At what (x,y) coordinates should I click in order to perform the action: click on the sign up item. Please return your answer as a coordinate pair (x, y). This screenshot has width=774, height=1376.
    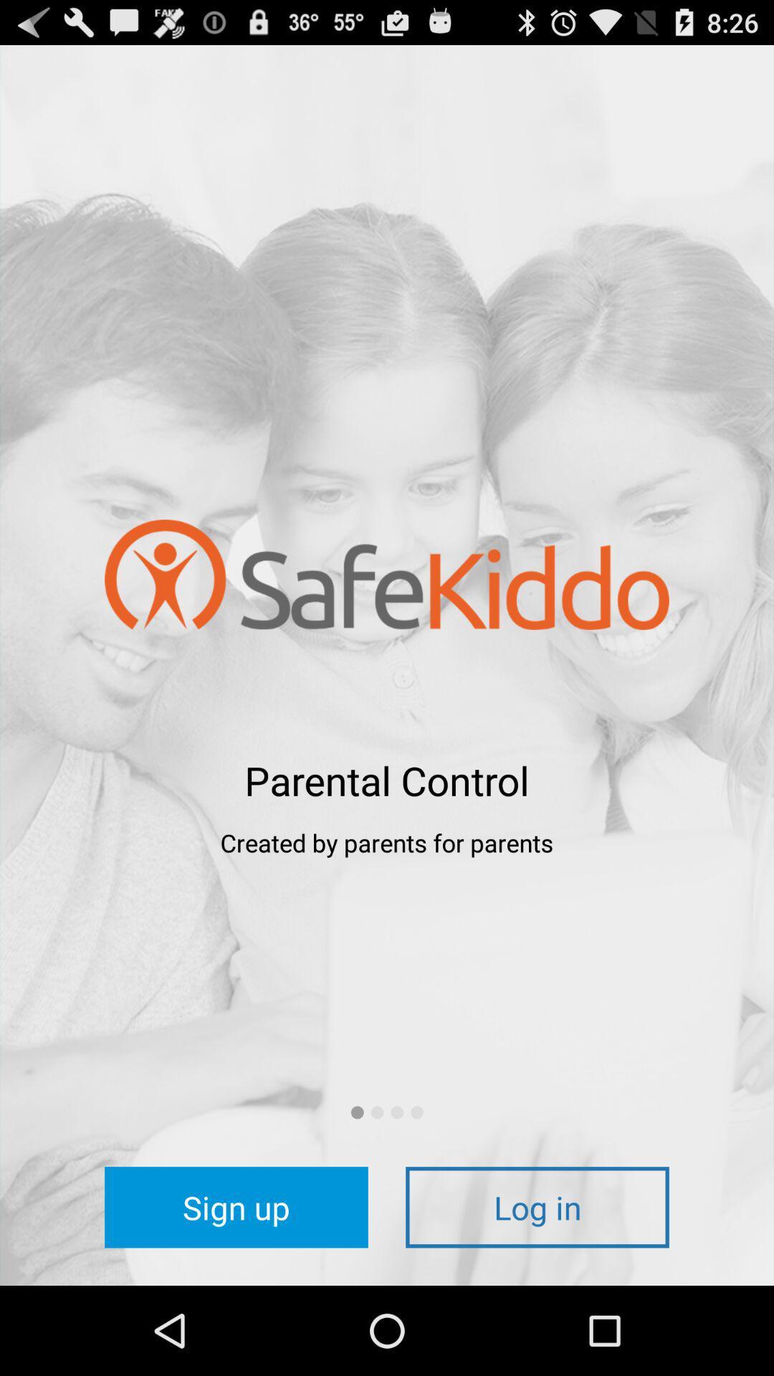
    Looking at the image, I should click on (236, 1206).